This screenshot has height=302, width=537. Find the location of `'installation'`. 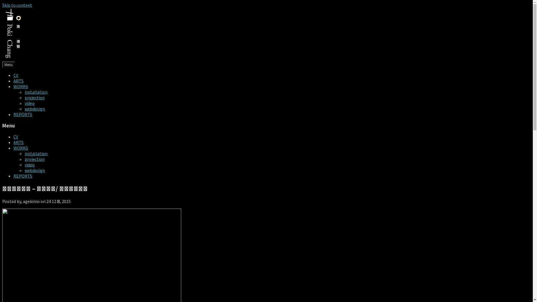

'installation' is located at coordinates (36, 153).